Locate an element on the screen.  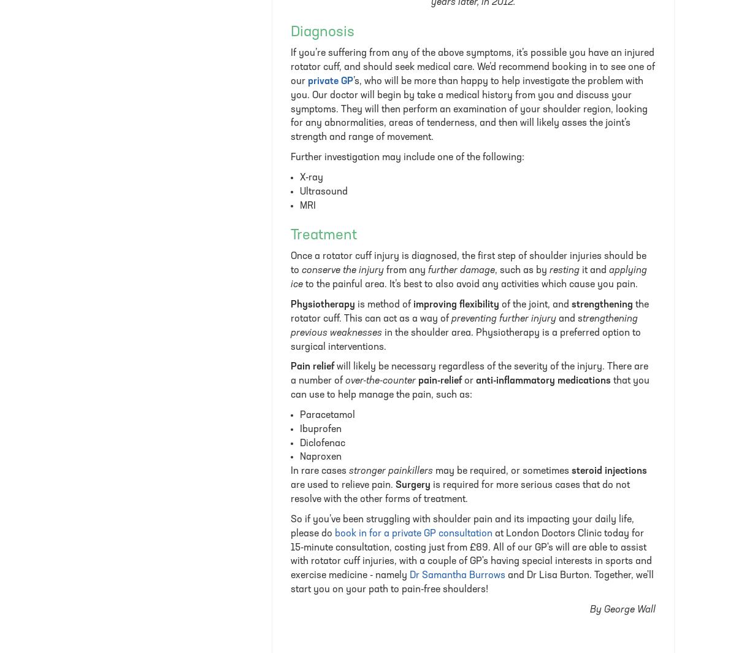
'book in for a private GP consultation' is located at coordinates (413, 533).